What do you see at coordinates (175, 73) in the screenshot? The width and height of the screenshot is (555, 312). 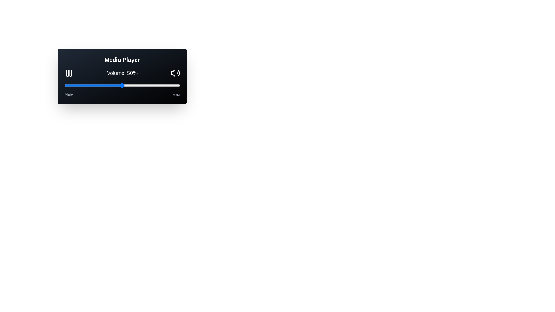 I see `the volume icon to toggle mute/unmute` at bounding box center [175, 73].